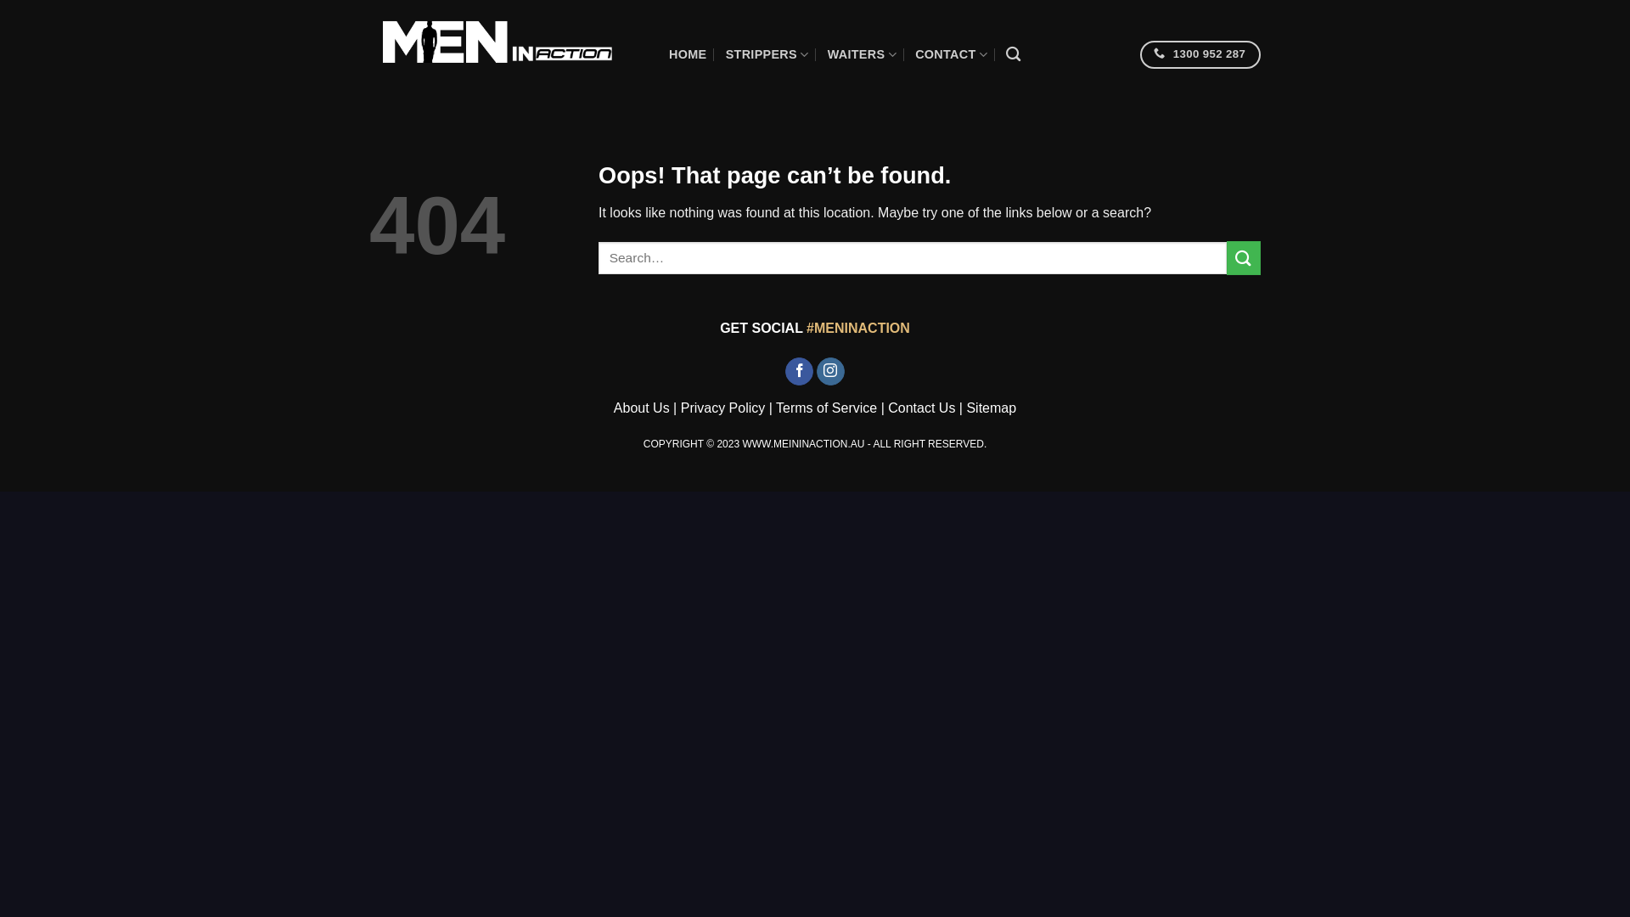 The height and width of the screenshot is (917, 1630). What do you see at coordinates (766, 53) in the screenshot?
I see `'STRIPPERS'` at bounding box center [766, 53].